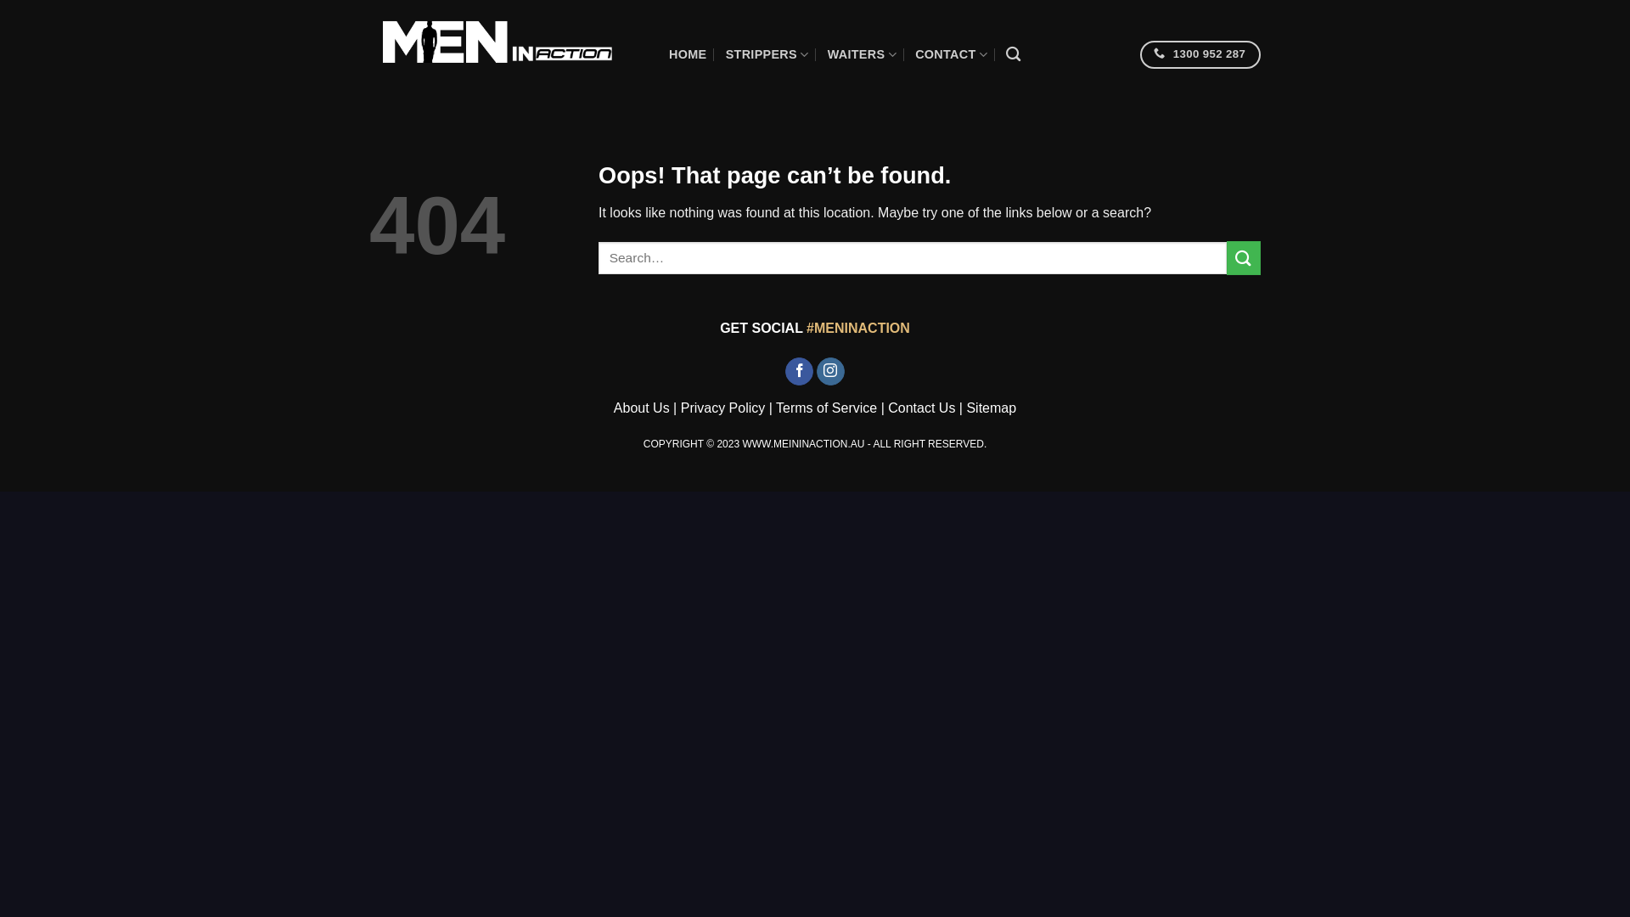 The height and width of the screenshot is (917, 1630). What do you see at coordinates (766, 53) in the screenshot?
I see `'STRIPPERS'` at bounding box center [766, 53].